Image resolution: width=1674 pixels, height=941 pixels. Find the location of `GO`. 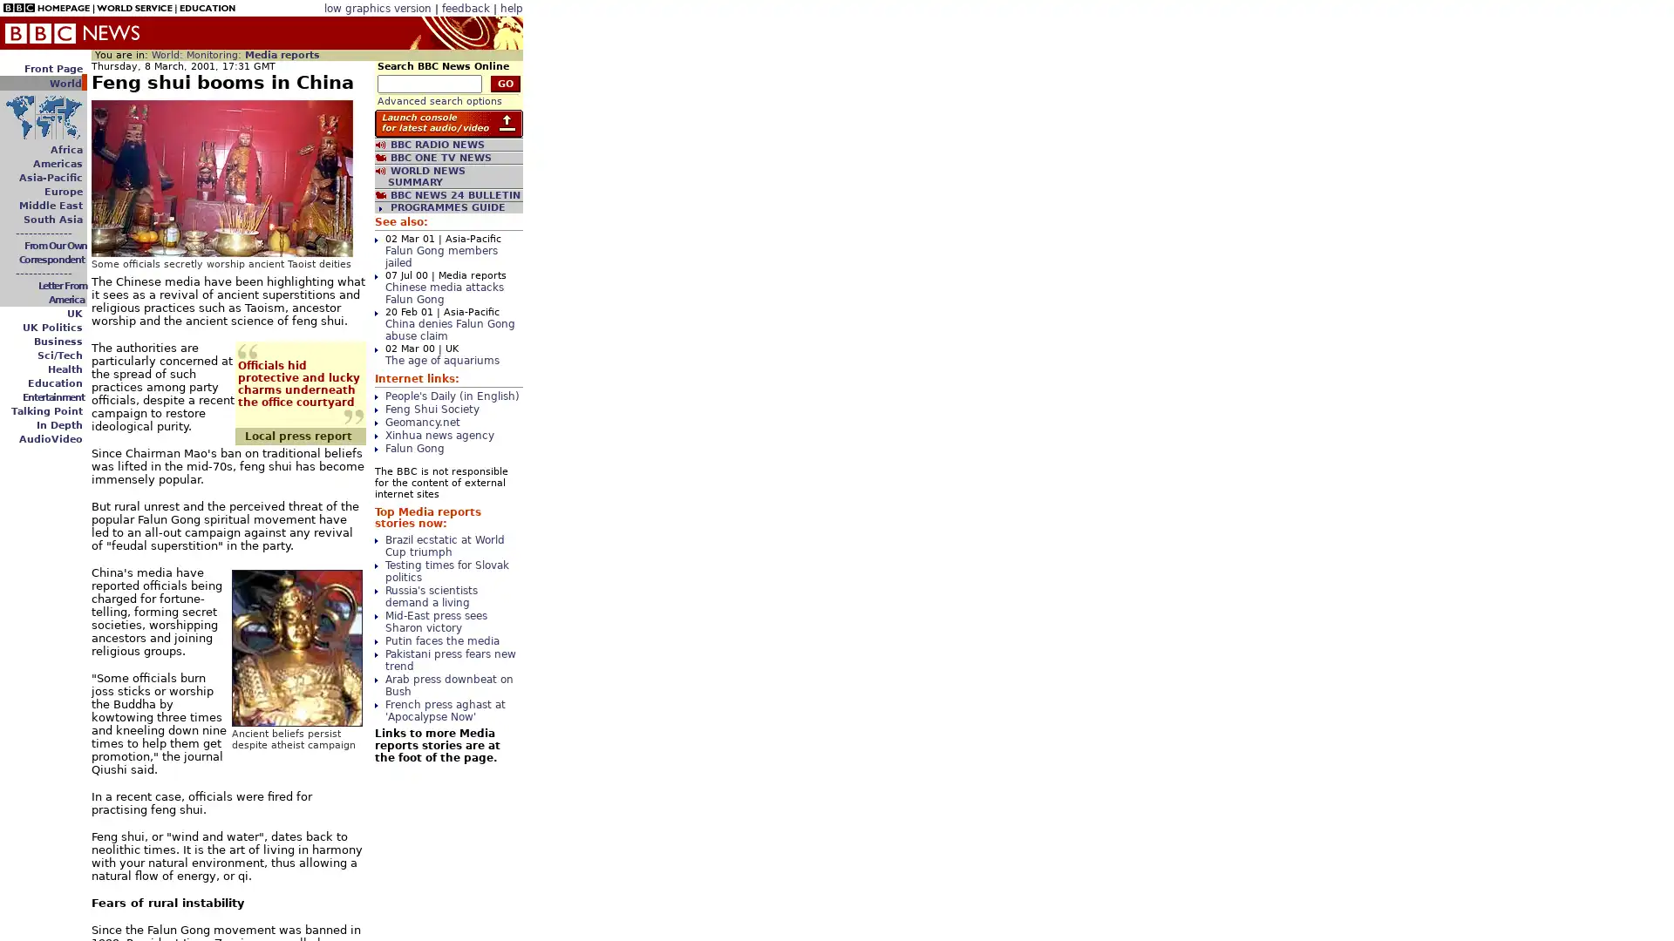

GO is located at coordinates (505, 84).